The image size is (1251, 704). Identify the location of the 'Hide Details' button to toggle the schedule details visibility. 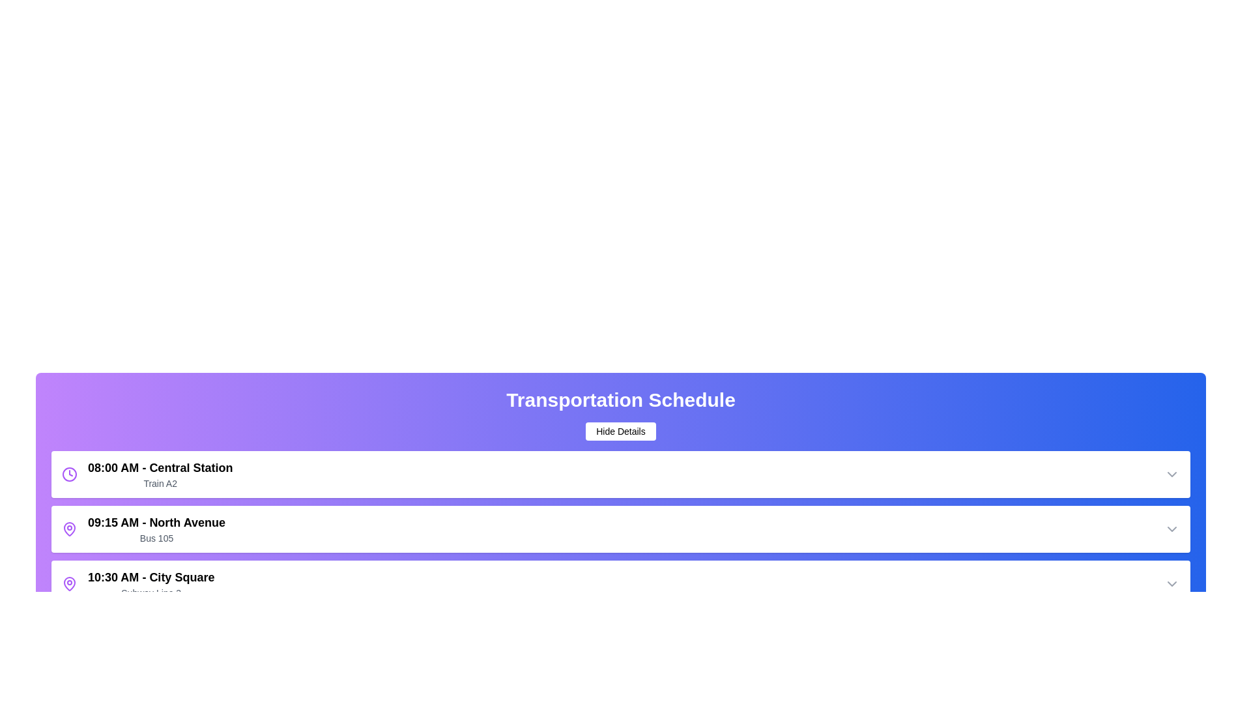
(619, 432).